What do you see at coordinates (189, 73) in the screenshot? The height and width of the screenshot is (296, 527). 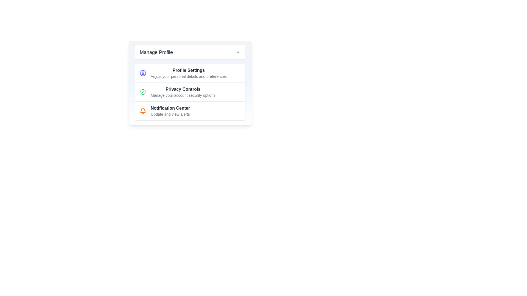 I see `the first menu option in the 'Manage Profile' section` at bounding box center [189, 73].